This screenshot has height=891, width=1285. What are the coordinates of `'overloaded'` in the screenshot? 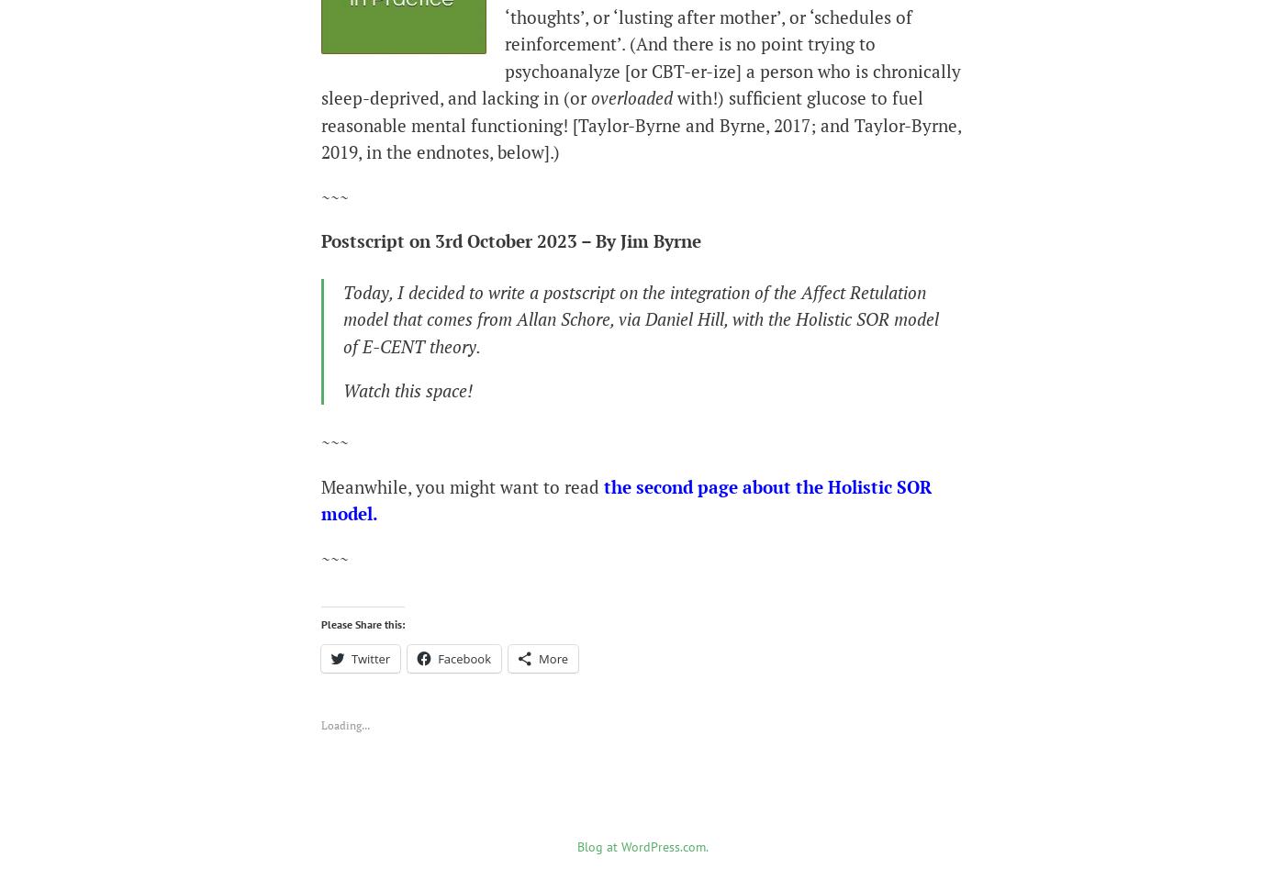 It's located at (631, 96).